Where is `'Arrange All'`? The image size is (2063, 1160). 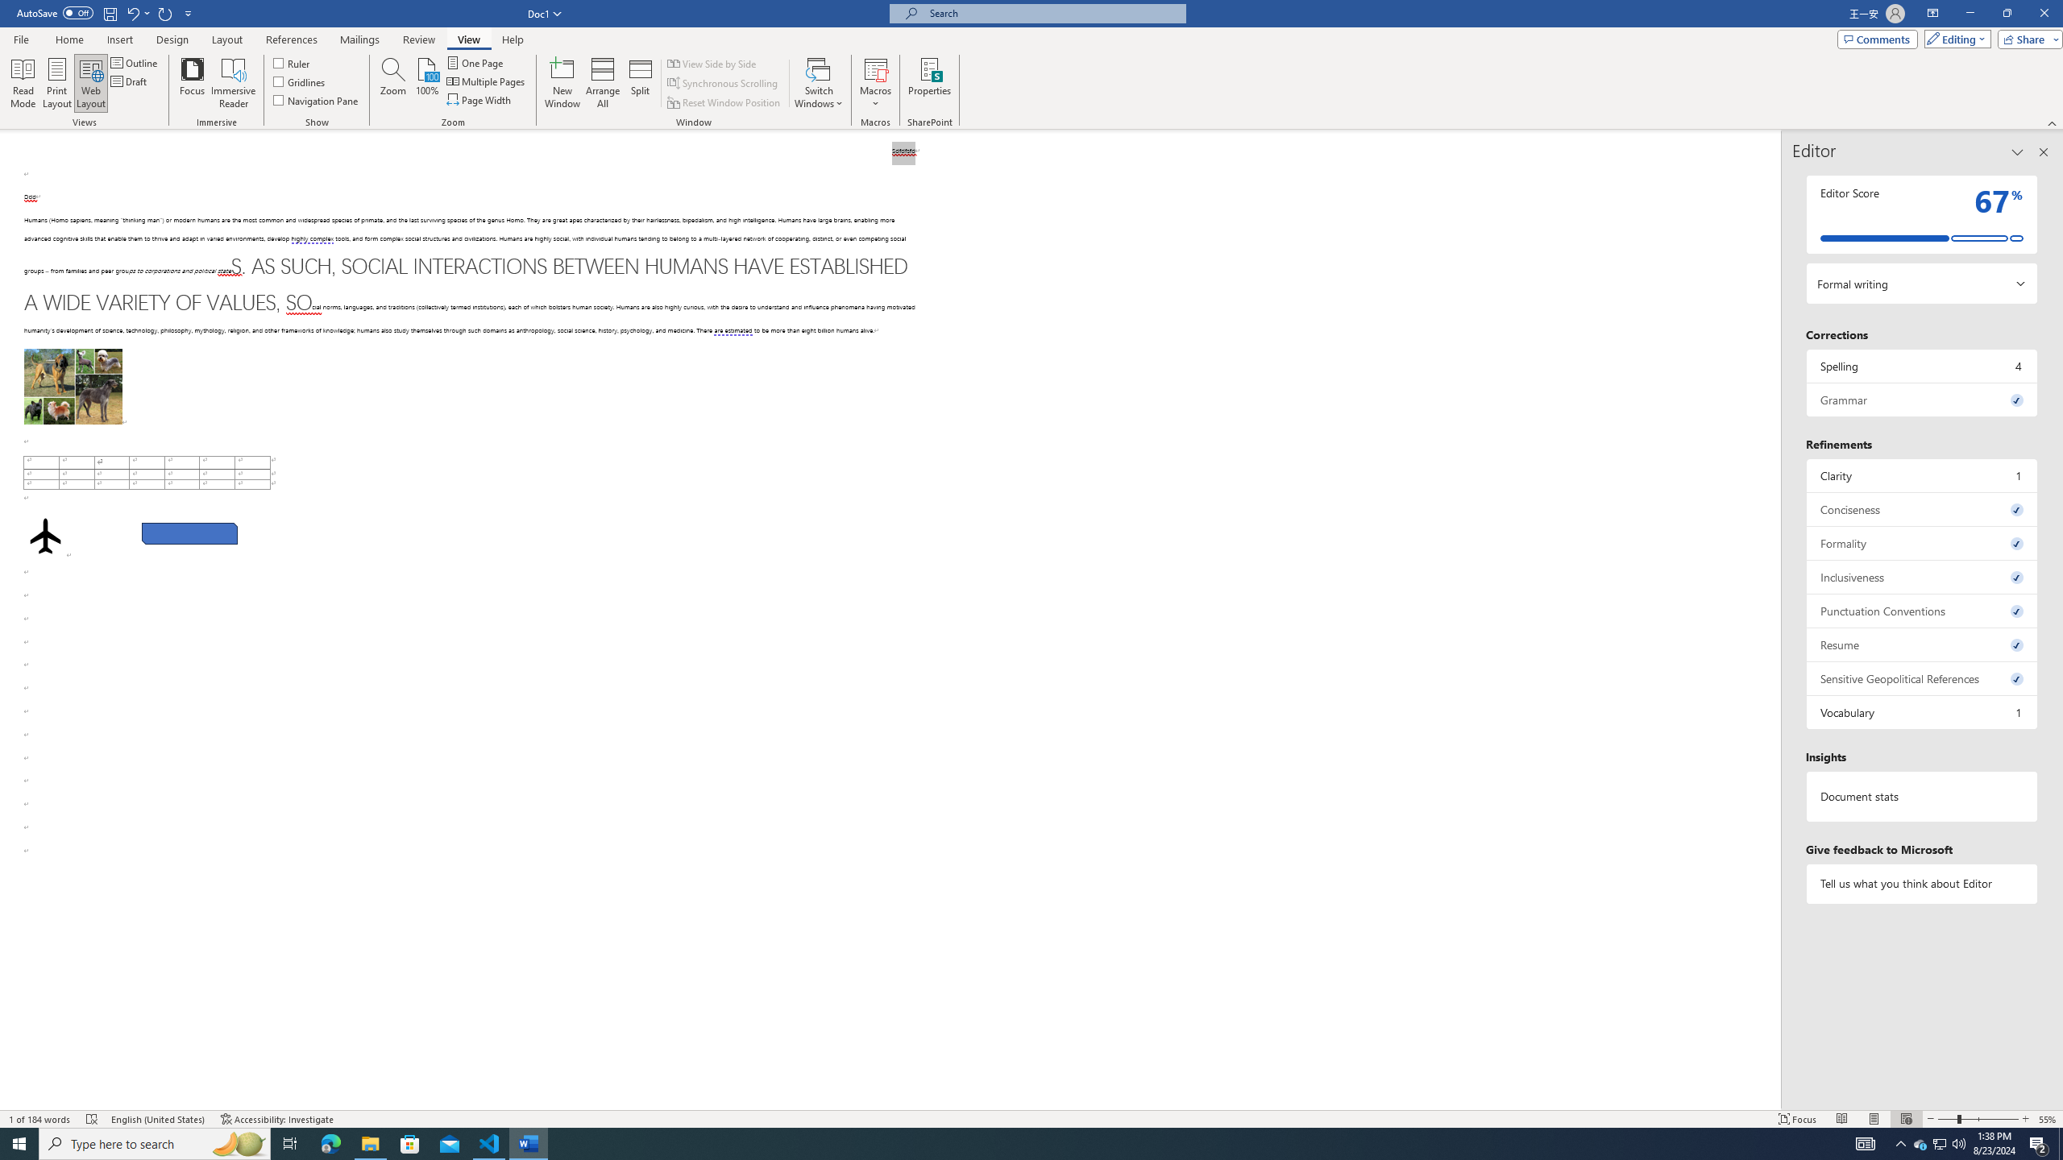 'Arrange All' is located at coordinates (602, 83).